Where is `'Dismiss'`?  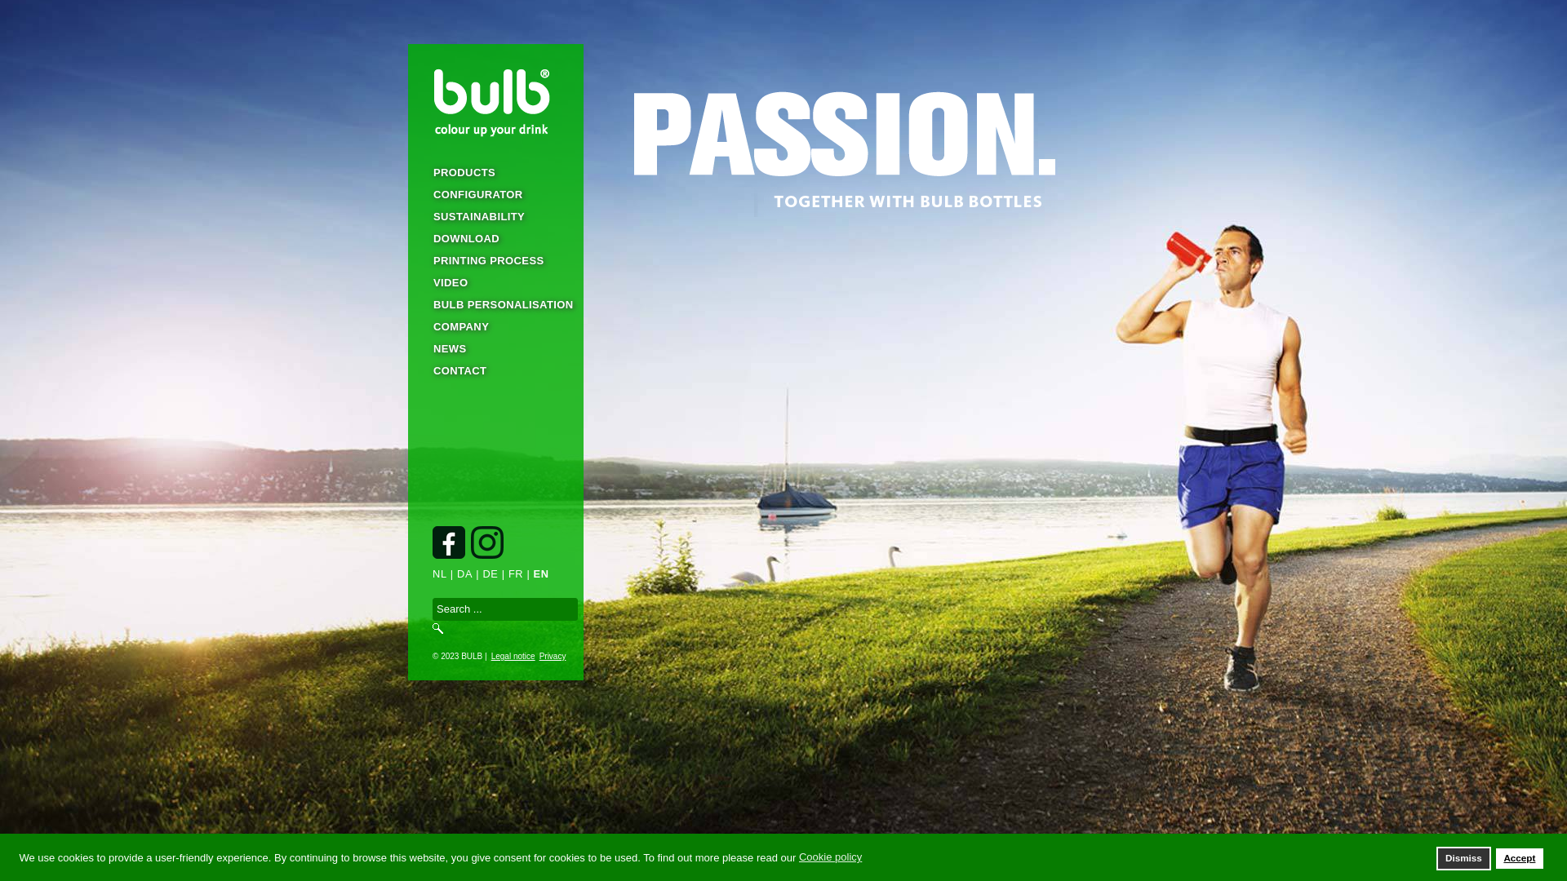
'Dismiss' is located at coordinates (1464, 857).